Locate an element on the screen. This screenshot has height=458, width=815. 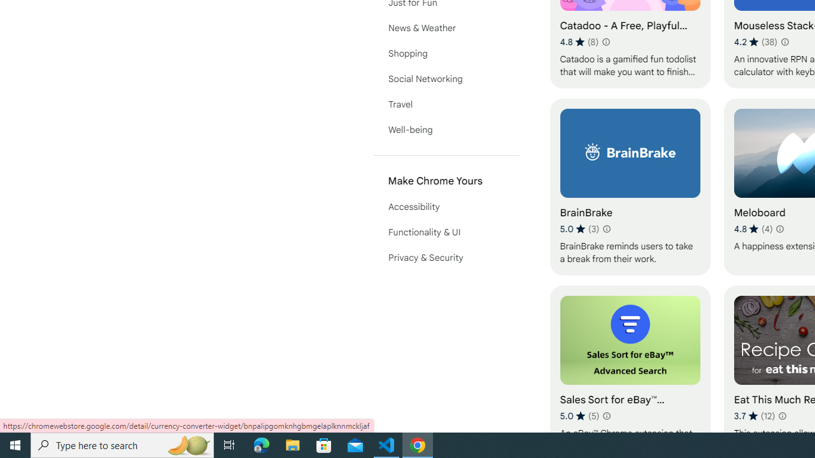
'Average rating 4.8 out of 5 stars. 4 ratings.' is located at coordinates (753, 229).